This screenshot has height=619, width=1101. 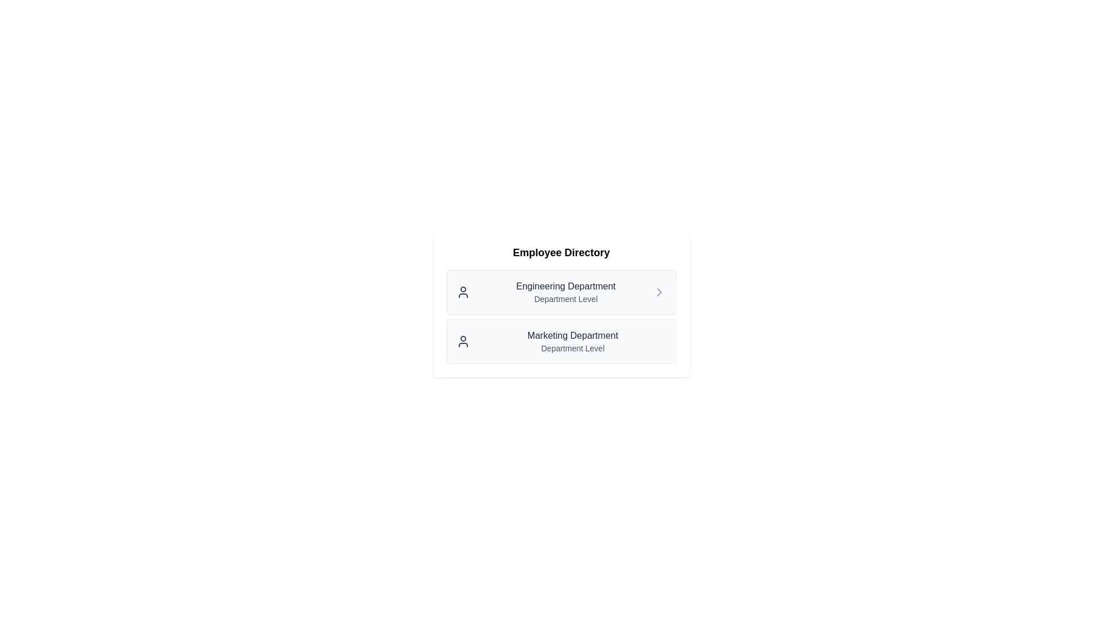 I want to click on the user avatar icon located to the left of the 'Engineering Department' text by moving the cursor to its center point, so click(x=463, y=291).